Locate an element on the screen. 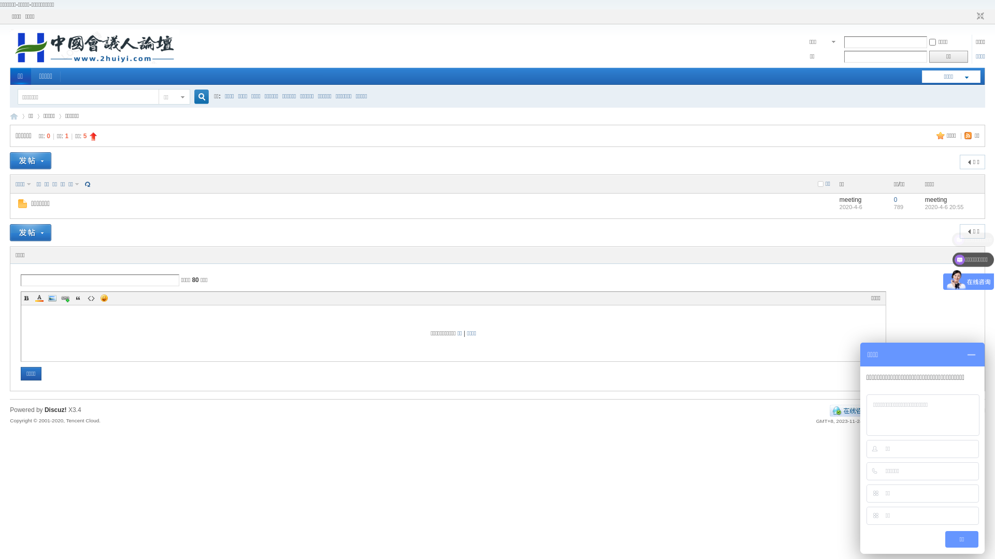 The image size is (995, 559). 'Image' is located at coordinates (47, 298).